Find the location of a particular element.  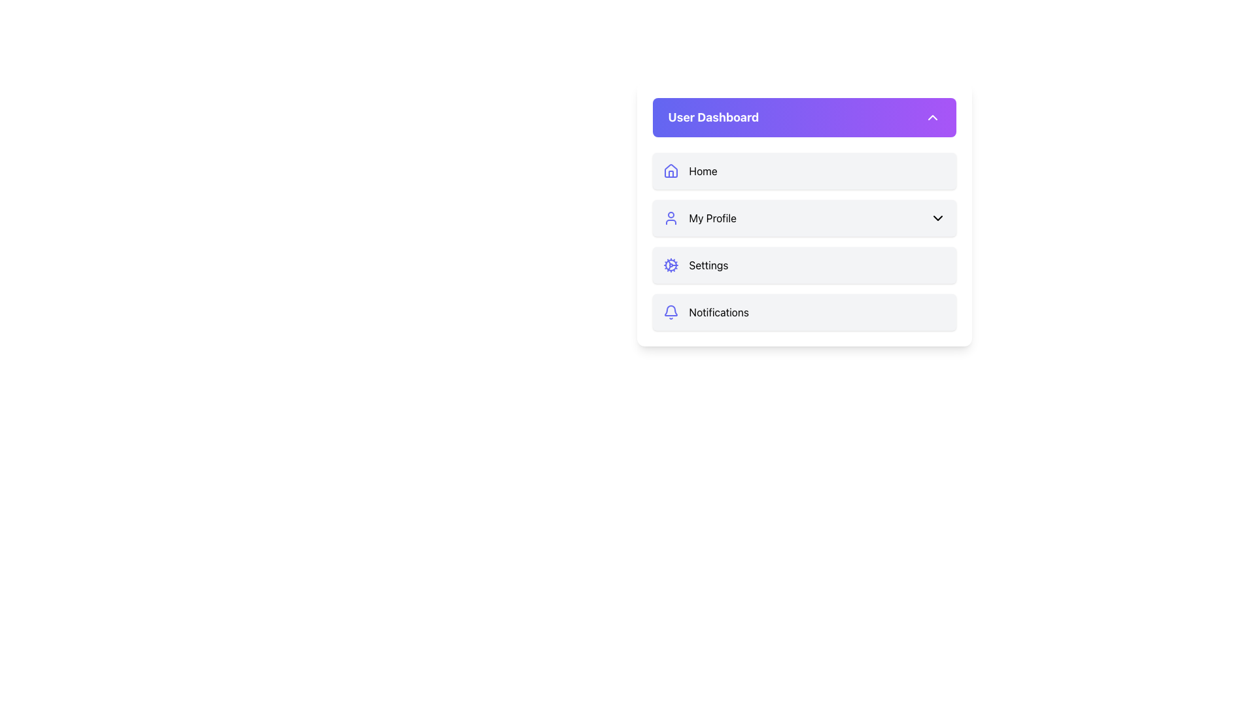

the 'Home' menu icon located in the User Dashboard is located at coordinates (671, 170).